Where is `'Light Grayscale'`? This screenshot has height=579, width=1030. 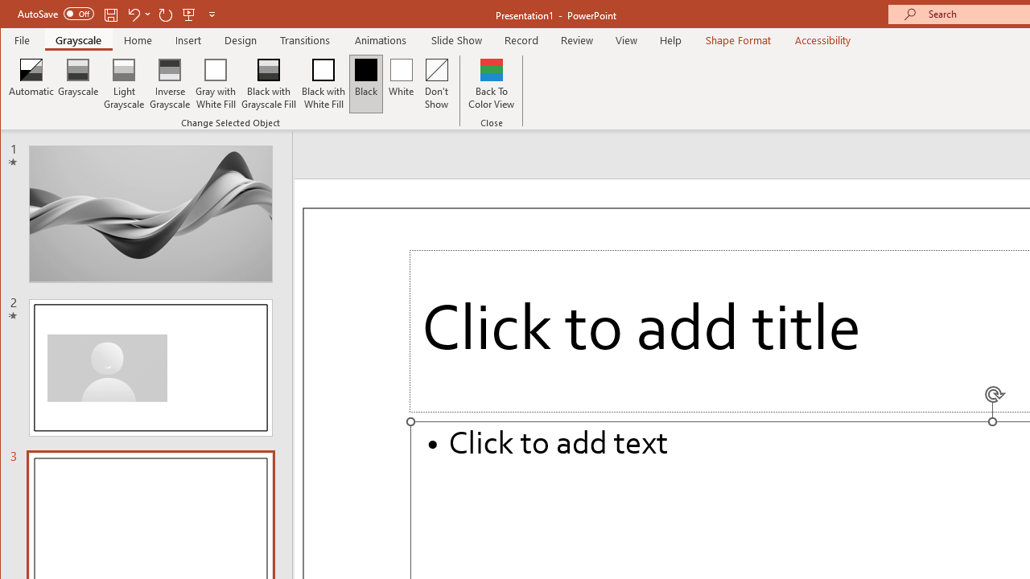 'Light Grayscale' is located at coordinates (123, 84).